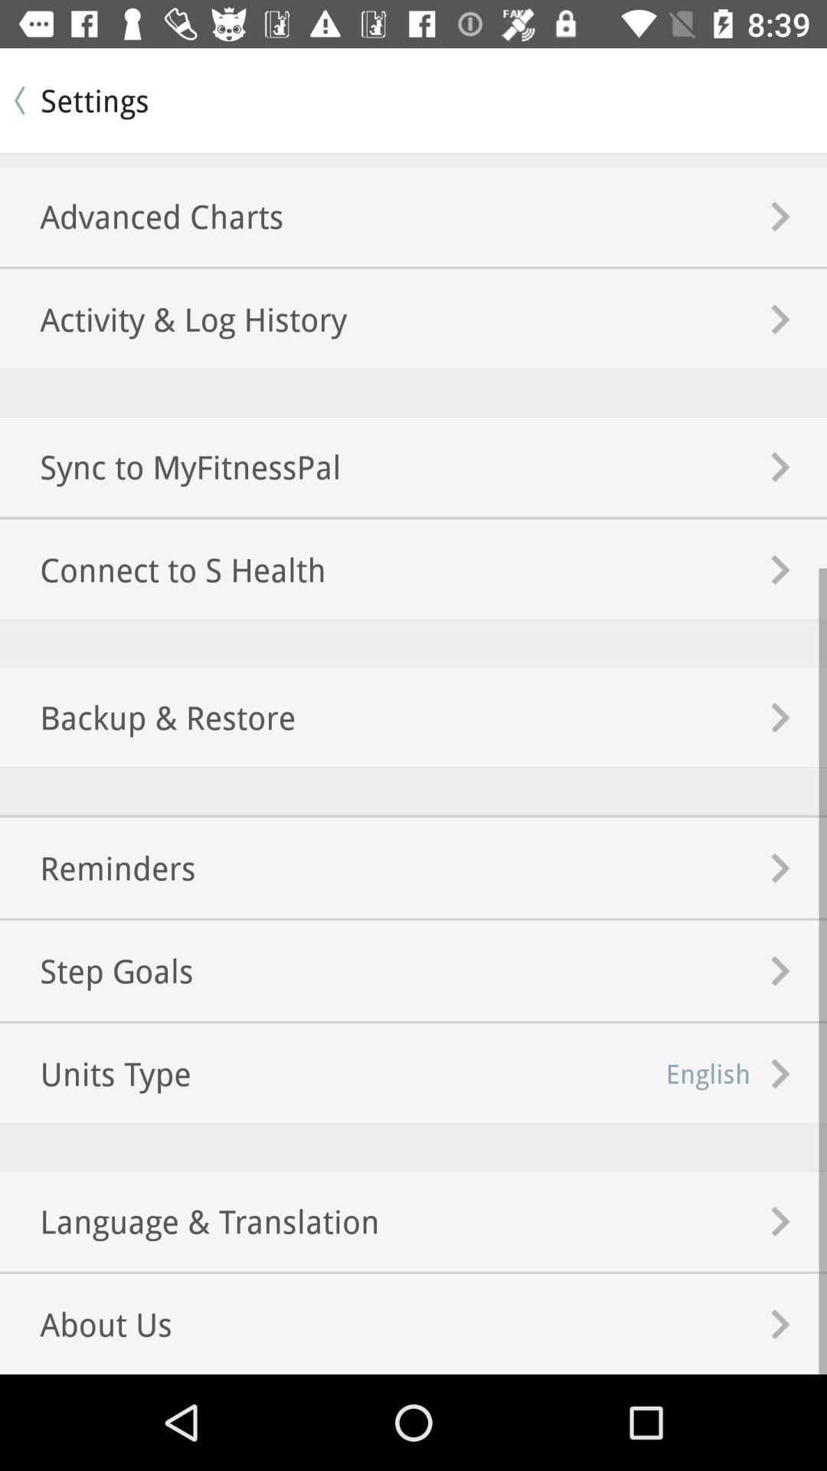 This screenshot has height=1471, width=827. I want to click on the icon next to step goals icon, so click(708, 1073).